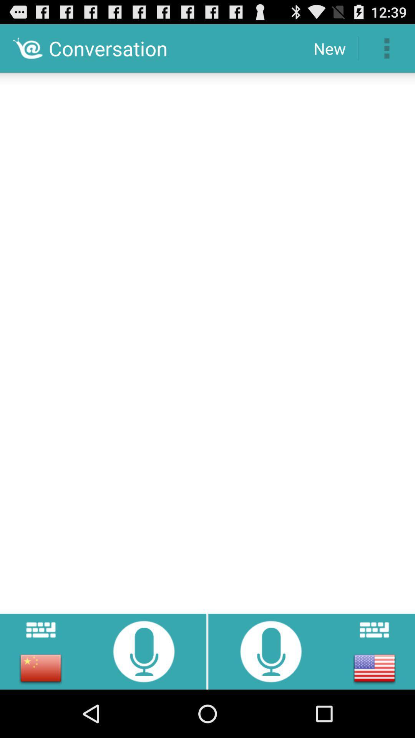  What do you see at coordinates (329, 48) in the screenshot?
I see `new` at bounding box center [329, 48].